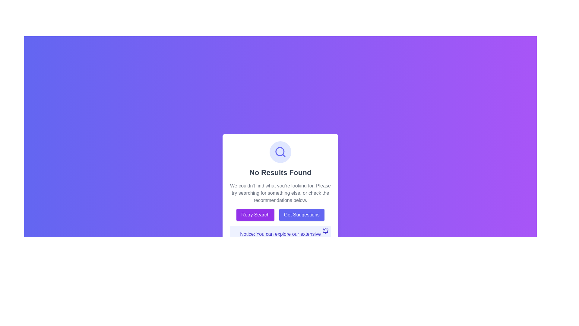  What do you see at coordinates (280, 152) in the screenshot?
I see `the decorative search icon located at the top center of the panel above the 'No Results Found' message` at bounding box center [280, 152].